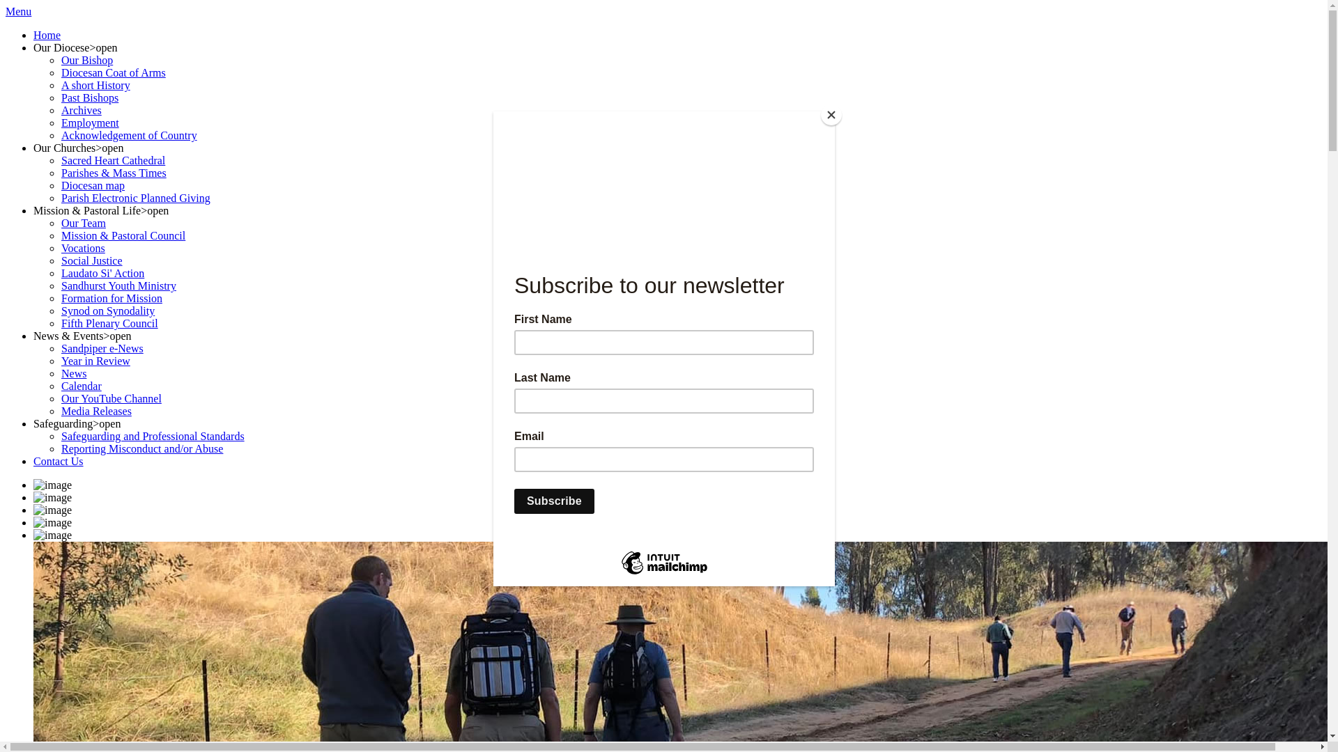 Image resolution: width=1338 pixels, height=752 pixels. What do you see at coordinates (60, 297) in the screenshot?
I see `'Formation for Mission'` at bounding box center [60, 297].